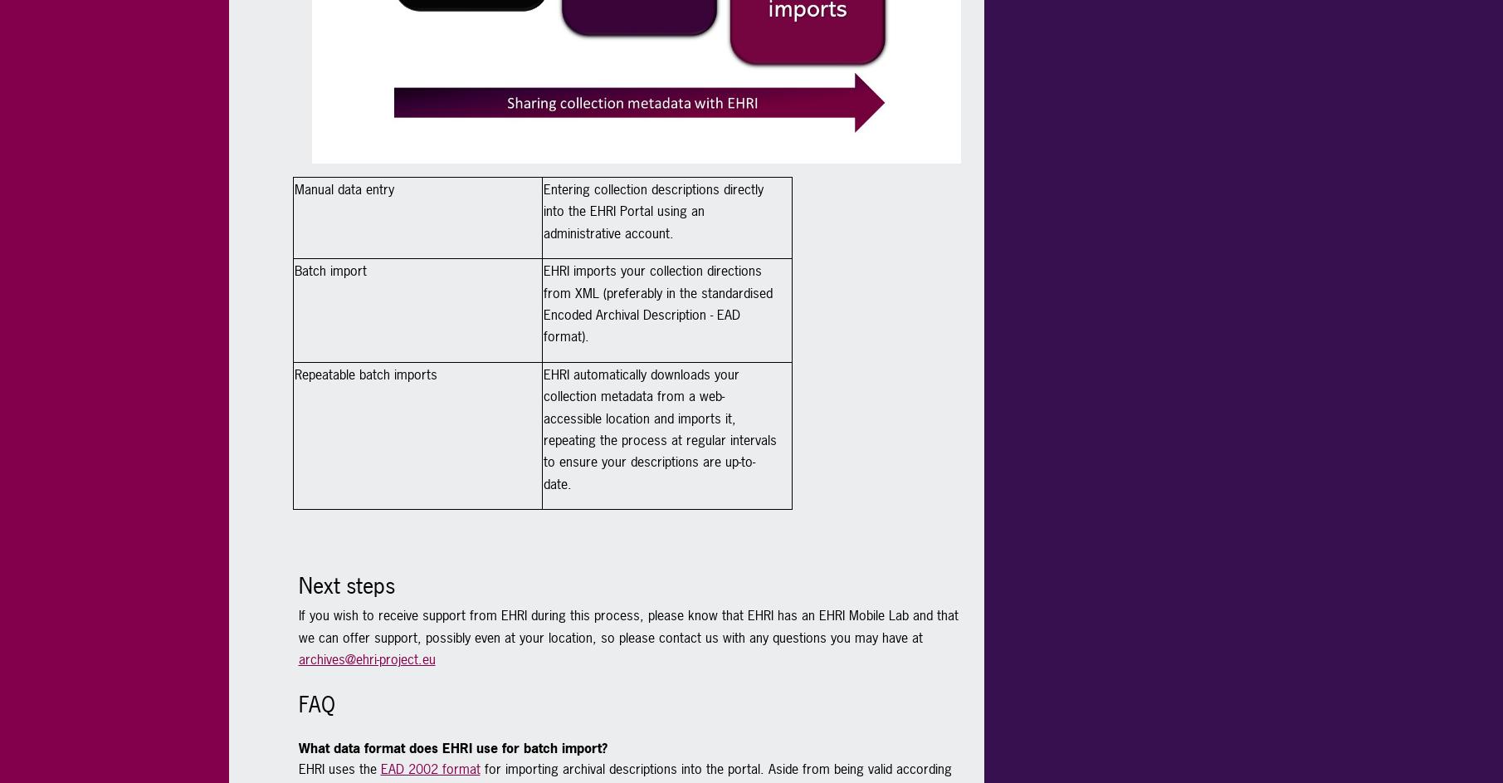  What do you see at coordinates (658, 428) in the screenshot?
I see `'EHRI automatically downloads your collection metadata from a web-accessible location and imports it, repeating the process at regular intervals to ensure your descriptions are up-to-date.'` at bounding box center [658, 428].